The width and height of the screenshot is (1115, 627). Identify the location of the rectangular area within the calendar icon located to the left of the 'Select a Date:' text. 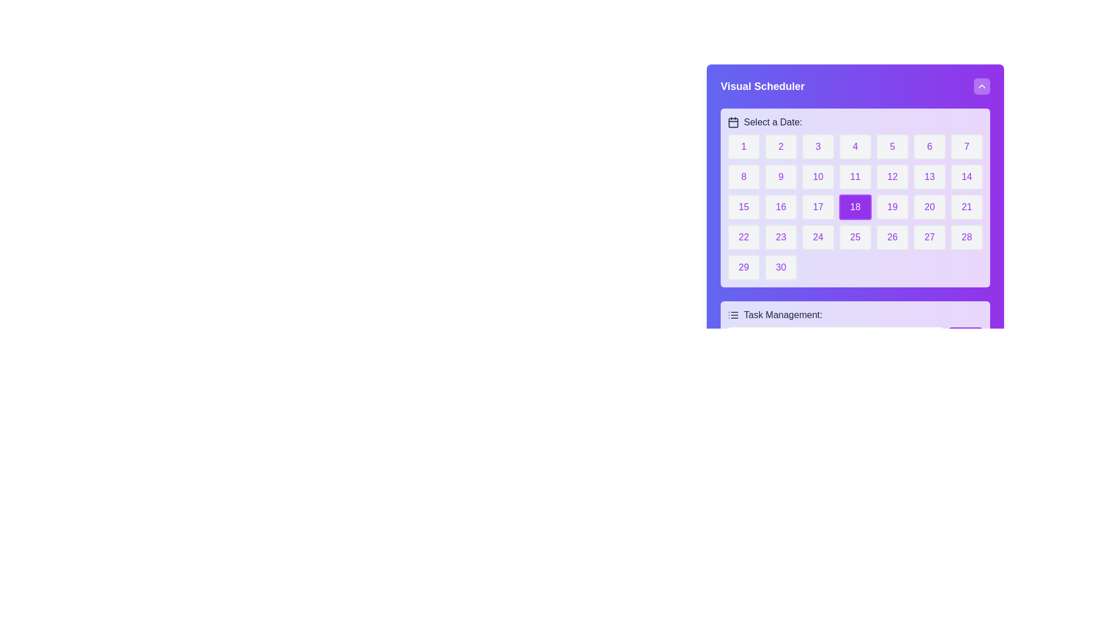
(732, 122).